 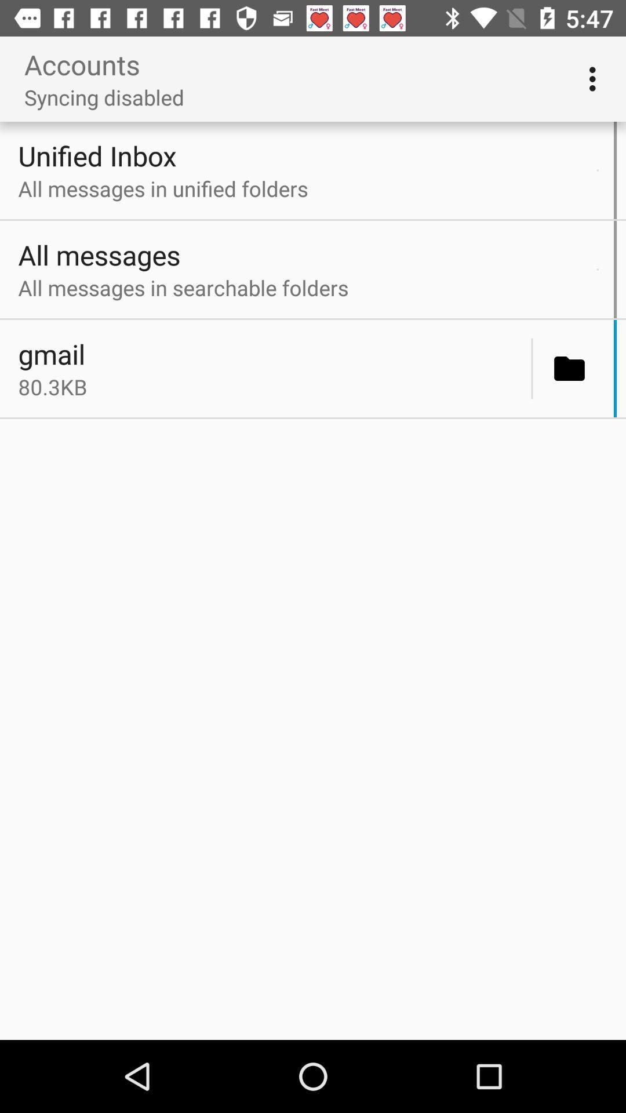 What do you see at coordinates (271, 353) in the screenshot?
I see `item below the all messages in` at bounding box center [271, 353].